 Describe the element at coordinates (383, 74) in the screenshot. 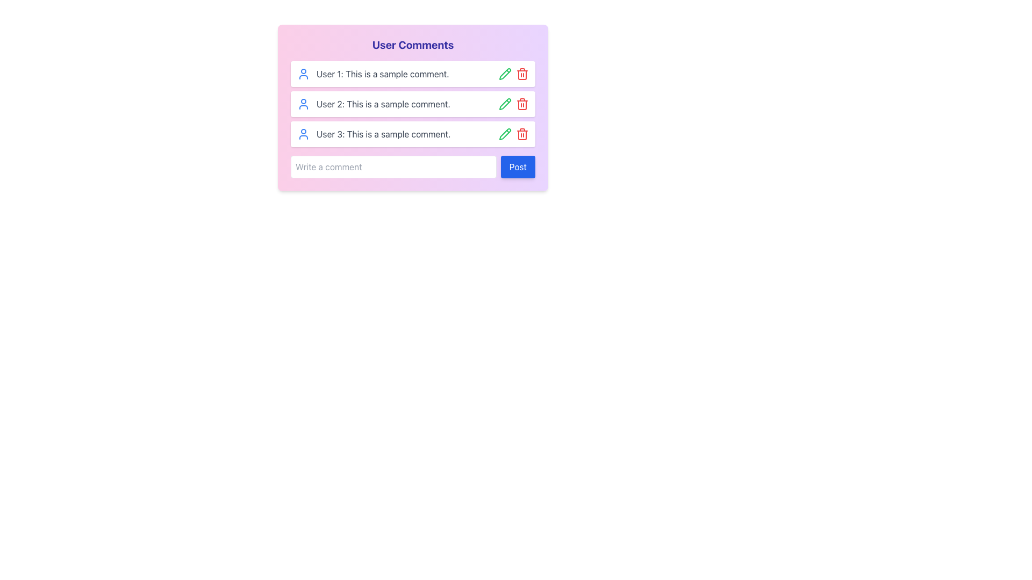

I see `comment content displayed by the static text element attributed to 'User 1', which is the first entry in the comments list` at that location.